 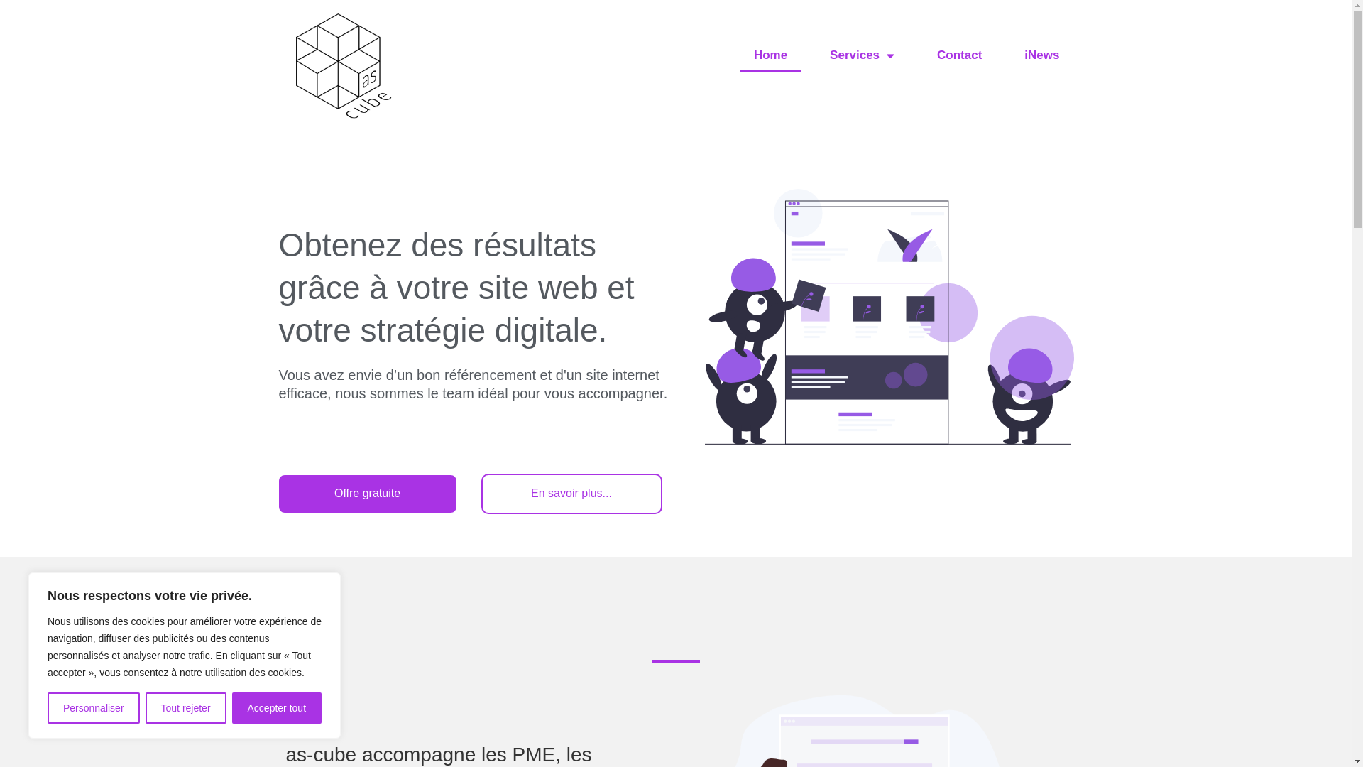 I want to click on 'Services', so click(x=861, y=54).